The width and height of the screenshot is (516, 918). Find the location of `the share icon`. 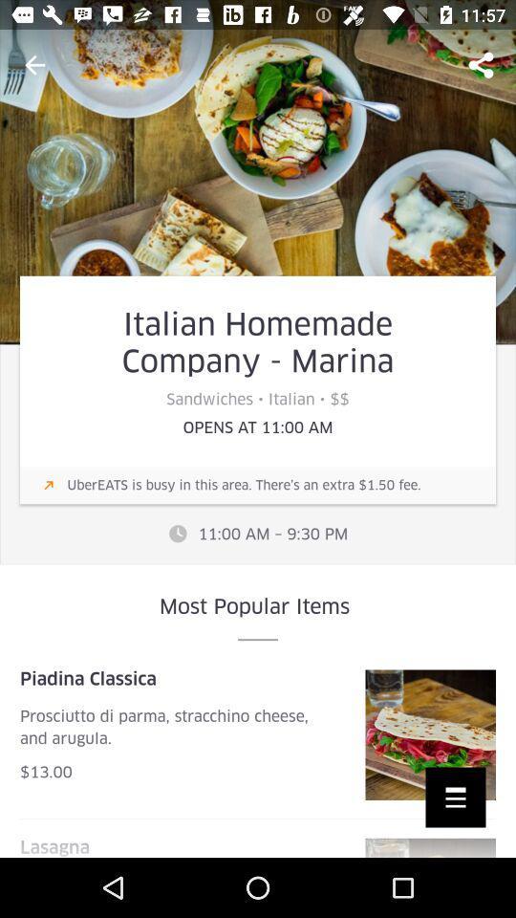

the share icon is located at coordinates (480, 65).